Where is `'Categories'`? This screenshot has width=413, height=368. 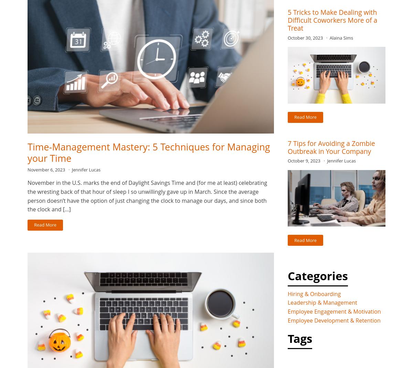
'Categories' is located at coordinates (318, 275).